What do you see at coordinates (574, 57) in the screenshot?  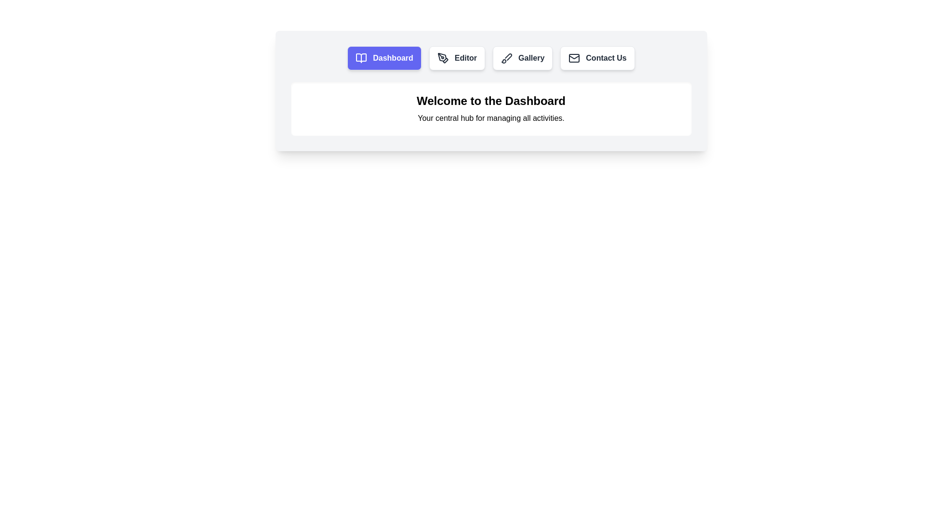 I see `the lower inner part of the mail envelope icon located in the navigation bar` at bounding box center [574, 57].